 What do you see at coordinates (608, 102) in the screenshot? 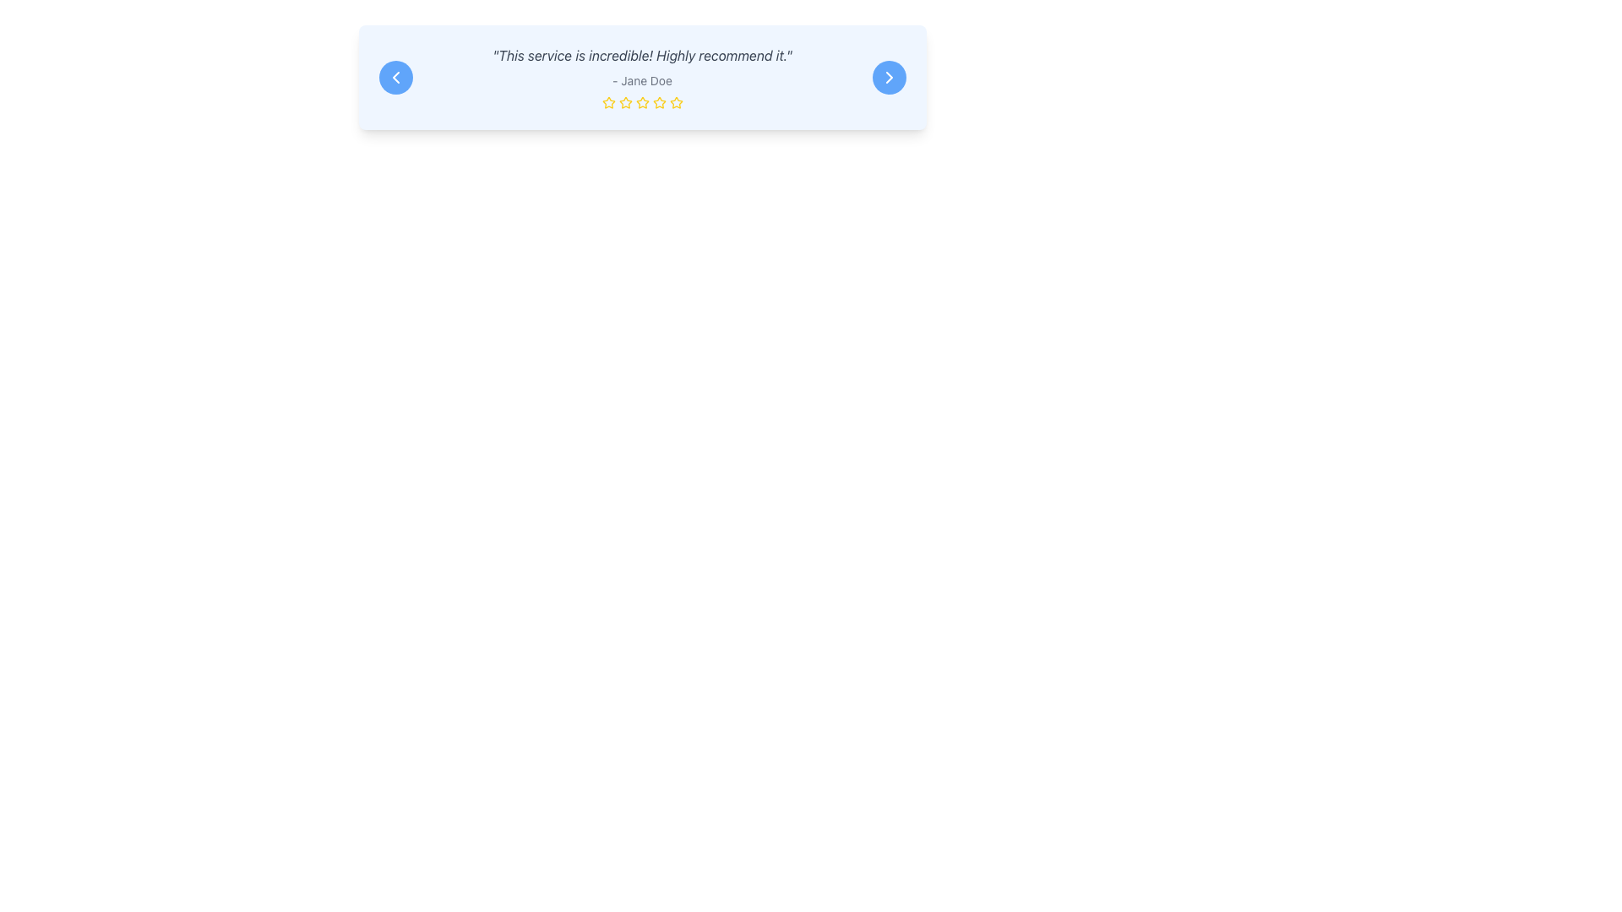
I see `the third star icon in the row of five star icons, which is filled with a golden yellow color` at bounding box center [608, 102].